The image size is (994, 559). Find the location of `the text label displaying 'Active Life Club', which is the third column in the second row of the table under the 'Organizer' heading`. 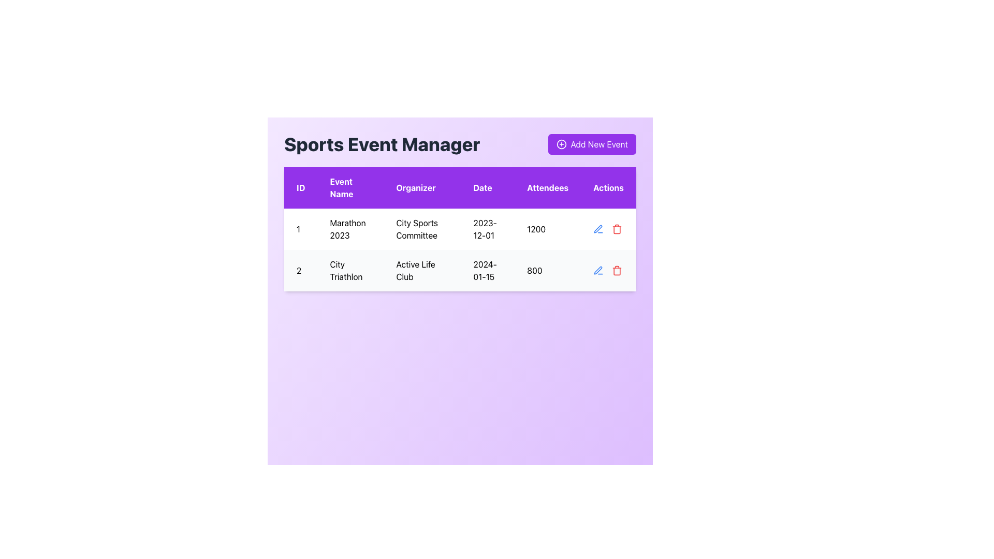

the text label displaying 'Active Life Club', which is the third column in the second row of the table under the 'Organizer' heading is located at coordinates (422, 270).